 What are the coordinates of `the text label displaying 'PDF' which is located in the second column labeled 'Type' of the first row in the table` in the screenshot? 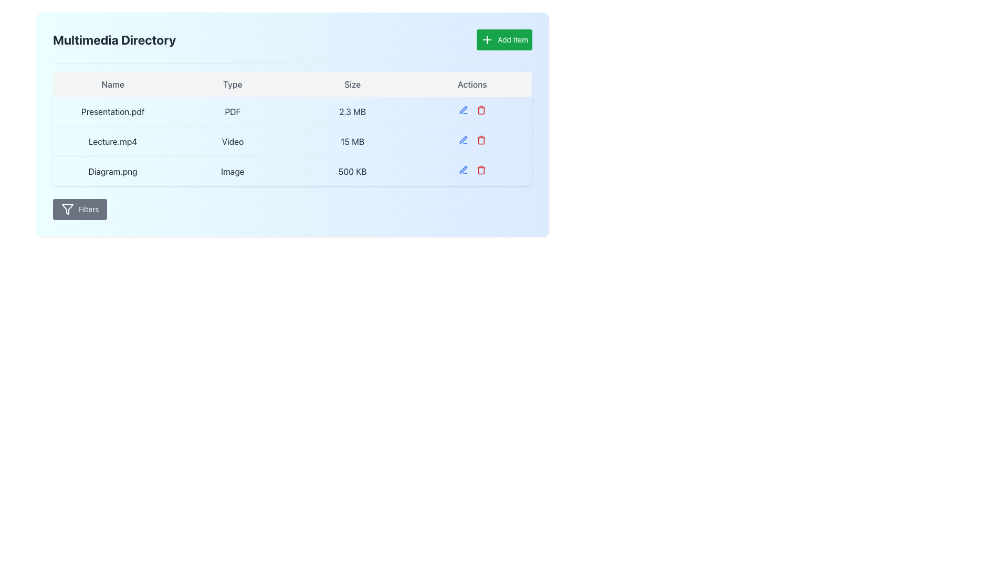 It's located at (232, 112).